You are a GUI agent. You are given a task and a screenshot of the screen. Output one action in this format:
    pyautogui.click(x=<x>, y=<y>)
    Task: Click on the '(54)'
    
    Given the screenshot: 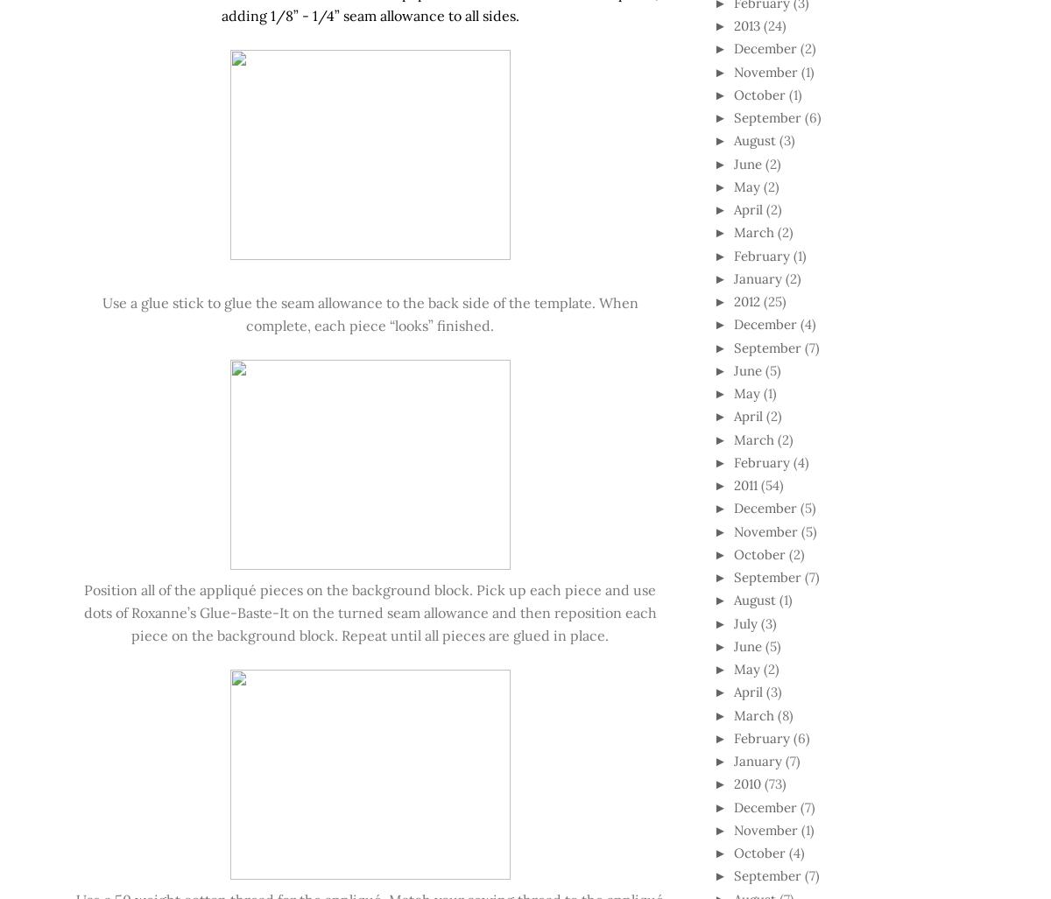 What is the action you would take?
    pyautogui.click(x=771, y=484)
    